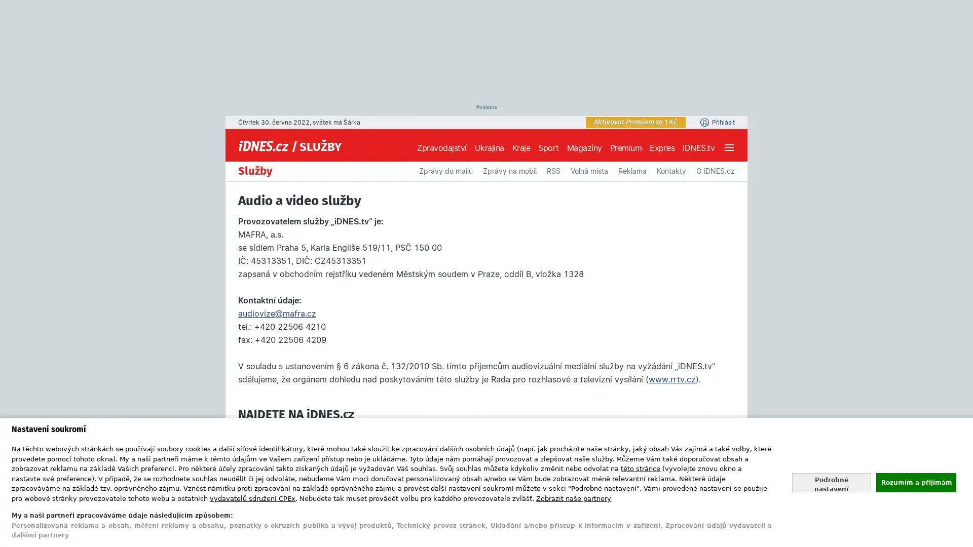 The height and width of the screenshot is (547, 973). What do you see at coordinates (574, 497) in the screenshot?
I see `Zobrazit nase partnery` at bounding box center [574, 497].